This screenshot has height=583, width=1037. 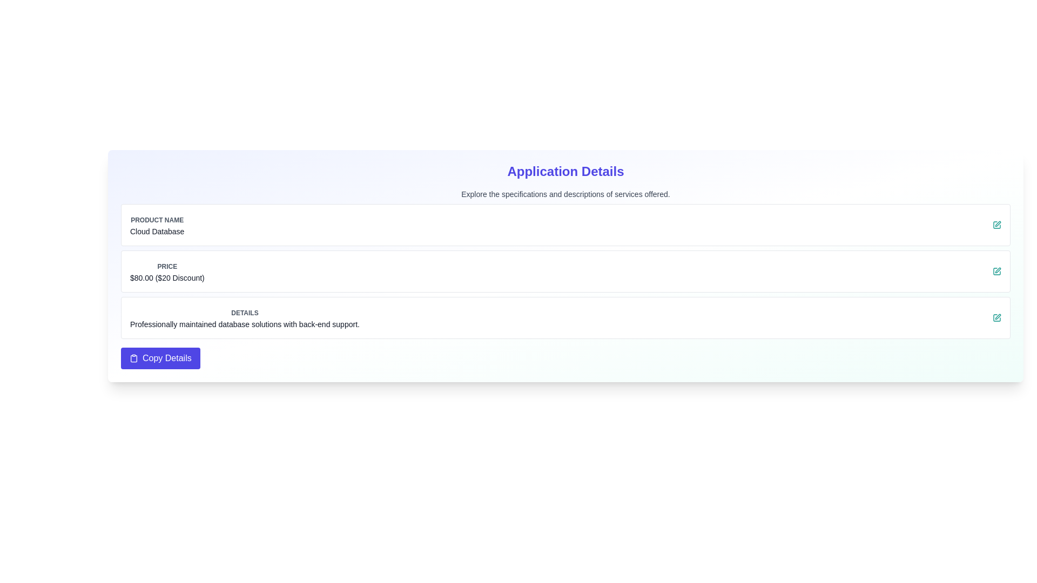 I want to click on the 'Cloud Database' text label located below the 'PRODUCT NAME' label in the product information table, so click(x=157, y=231).